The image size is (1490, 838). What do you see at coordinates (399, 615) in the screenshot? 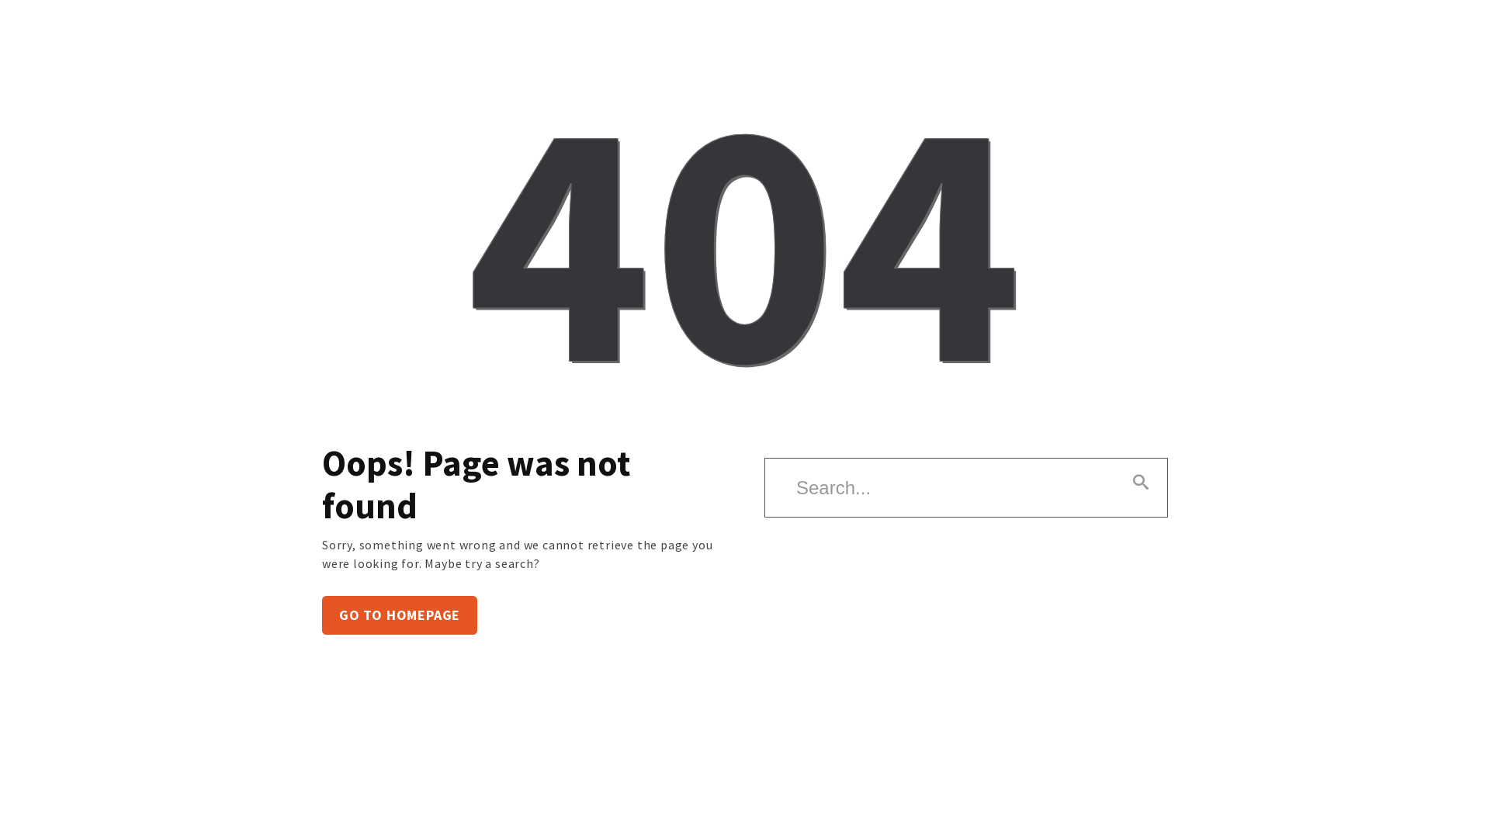
I see `'GO TO HOMEPAGE'` at bounding box center [399, 615].